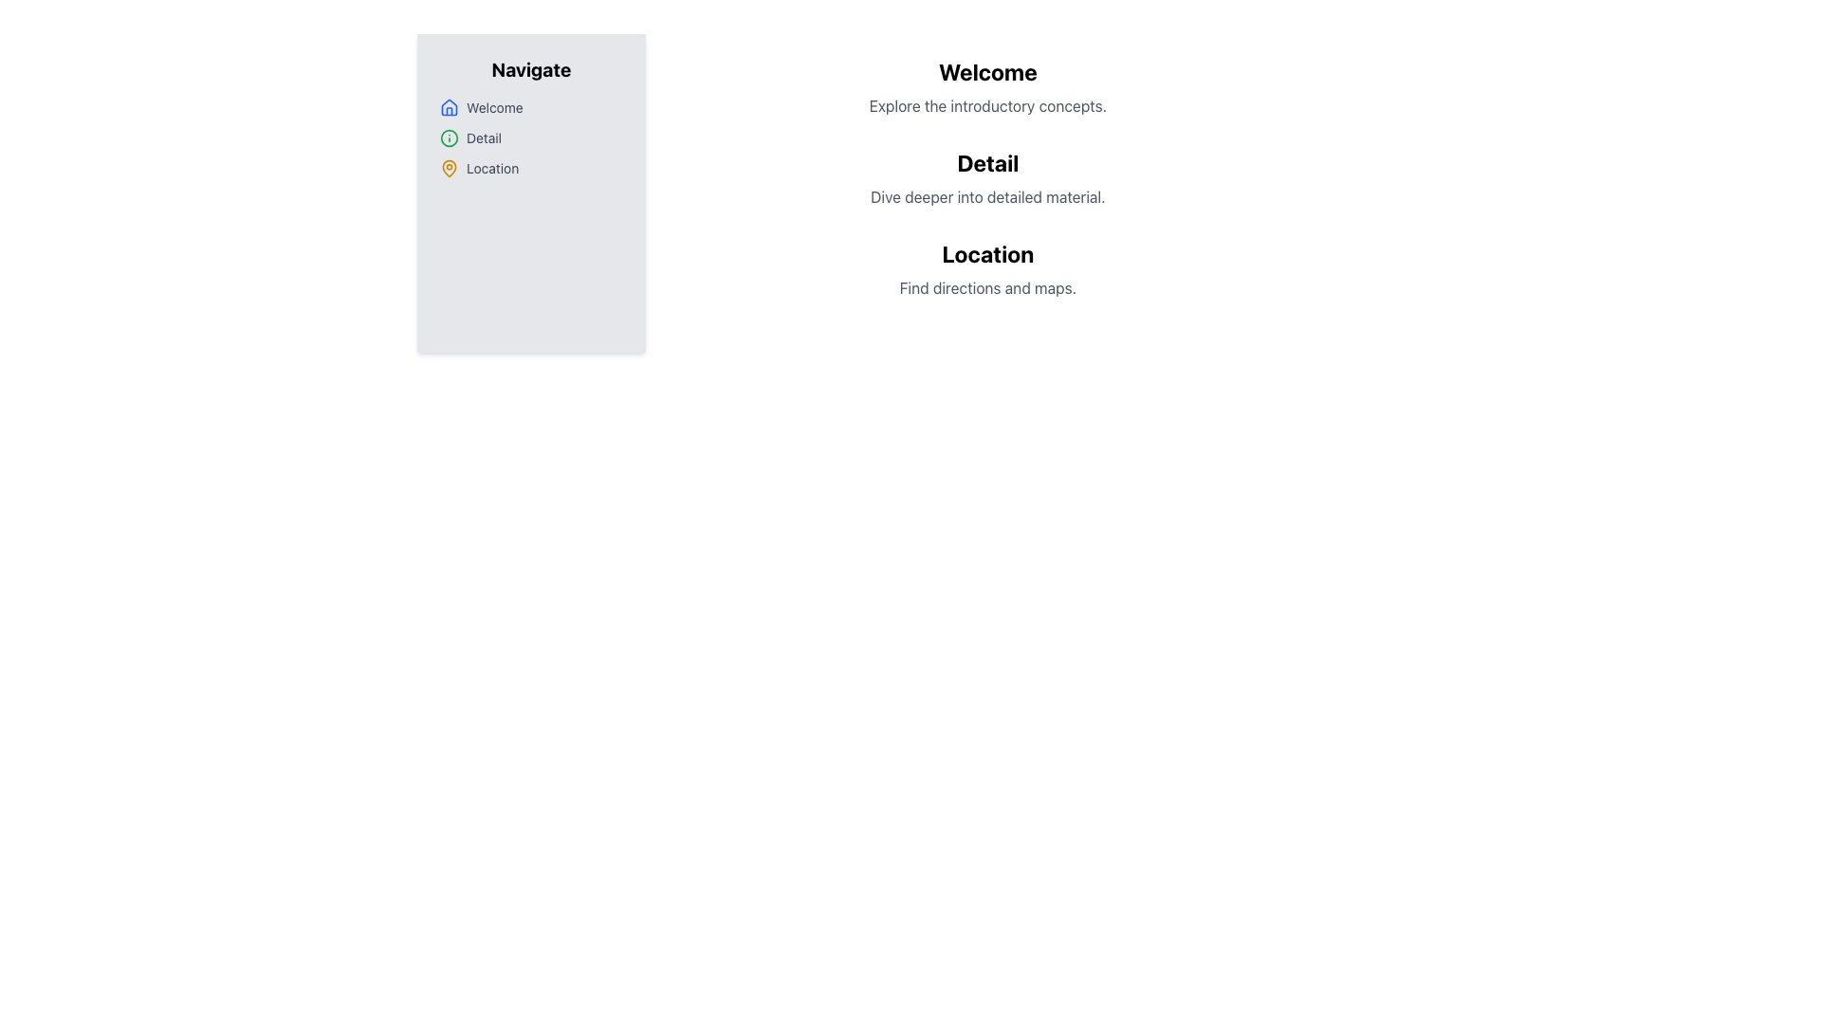 This screenshot has width=1821, height=1024. What do you see at coordinates (449, 137) in the screenshot?
I see `the border of the informational icon, which is a circle shape located in the middle-left area of the interface under the 'Detail' item in the navigation menu` at bounding box center [449, 137].